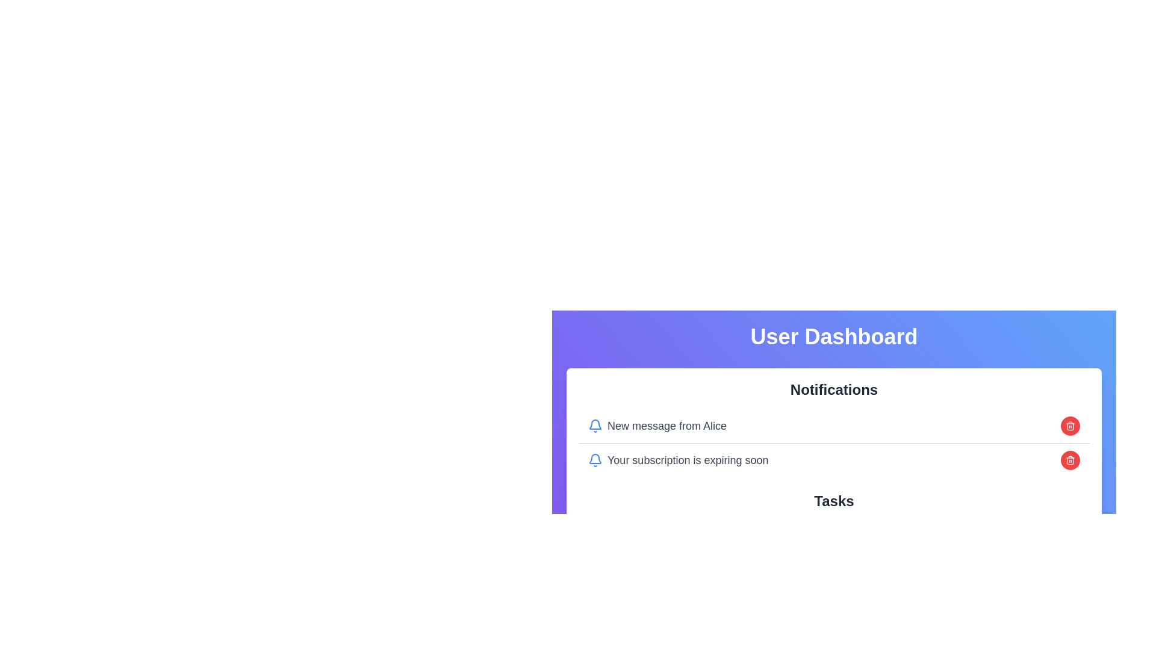 This screenshot has width=1156, height=650. Describe the element at coordinates (1070, 426) in the screenshot. I see `the trash icon in the top-right corner of the notification entry` at that location.